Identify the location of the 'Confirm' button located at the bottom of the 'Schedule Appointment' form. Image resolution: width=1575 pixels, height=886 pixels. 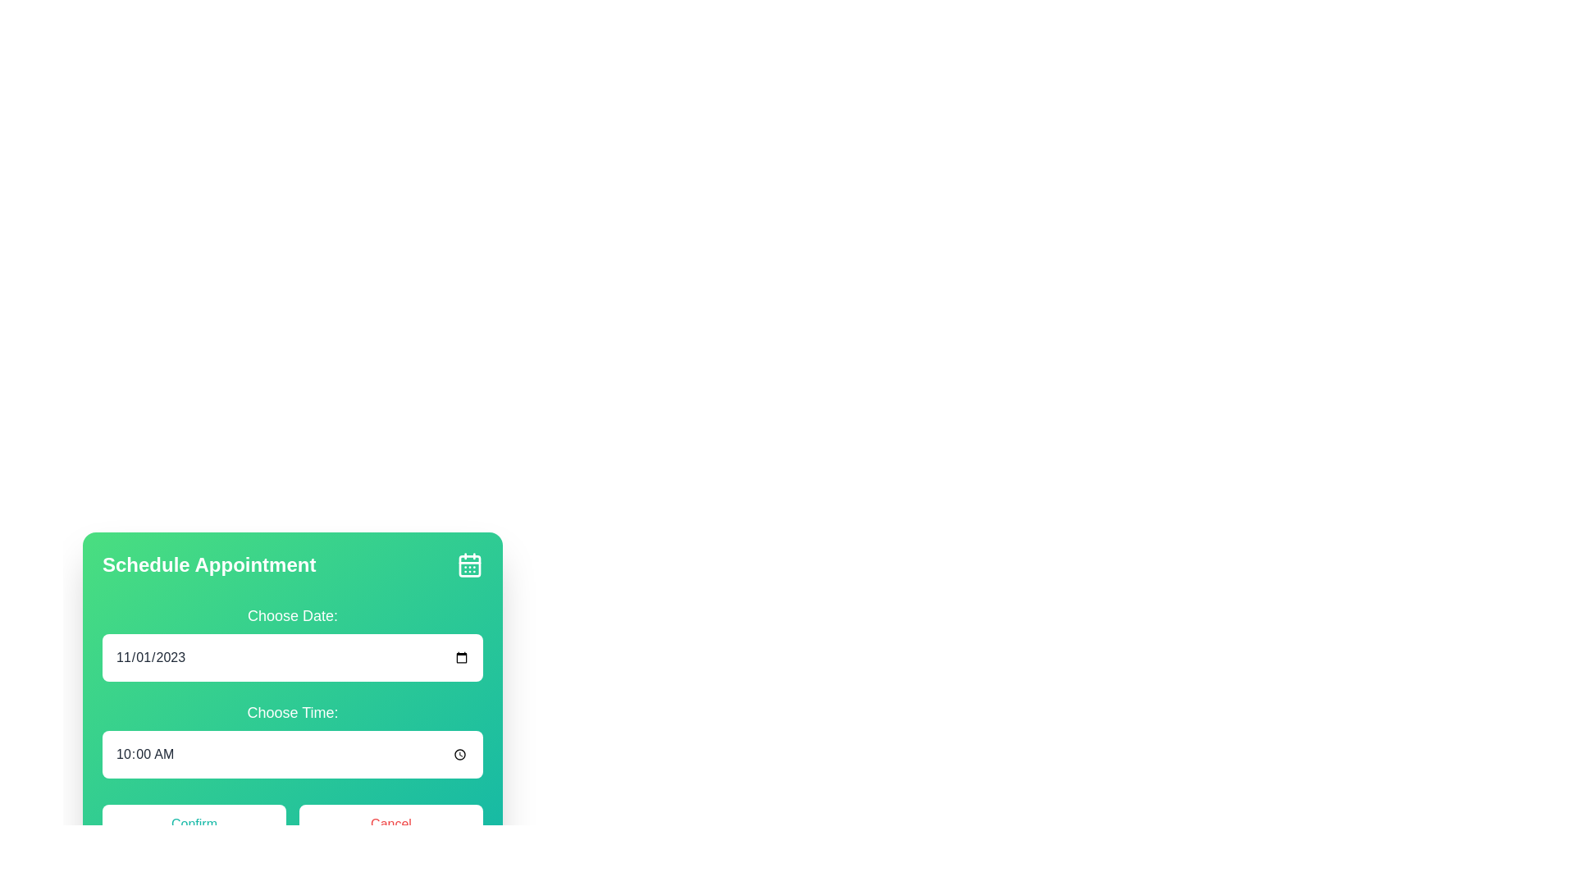
(194, 824).